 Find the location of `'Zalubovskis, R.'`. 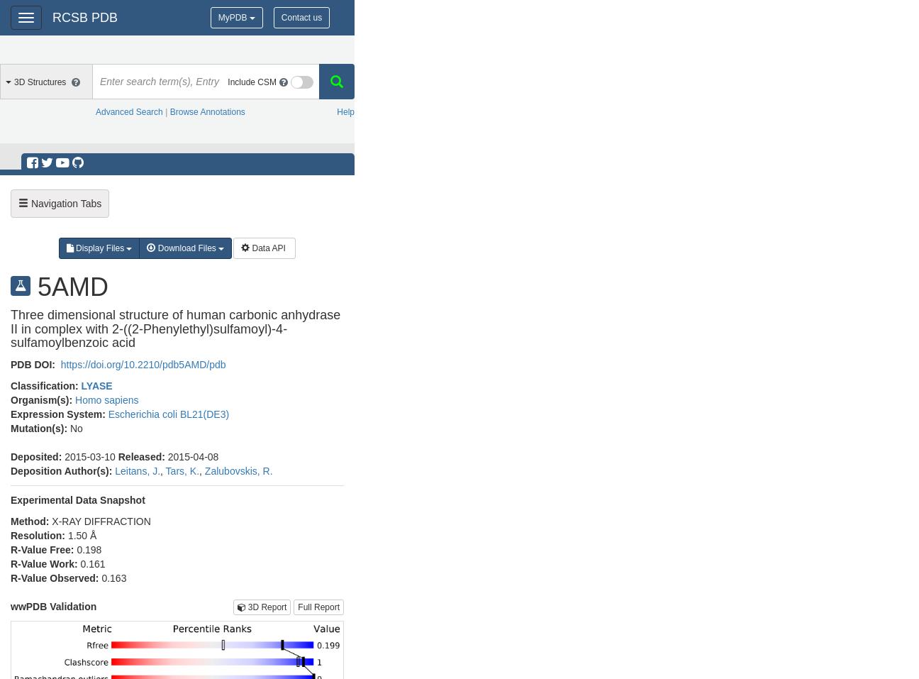

'Zalubovskis, R.' is located at coordinates (238, 470).